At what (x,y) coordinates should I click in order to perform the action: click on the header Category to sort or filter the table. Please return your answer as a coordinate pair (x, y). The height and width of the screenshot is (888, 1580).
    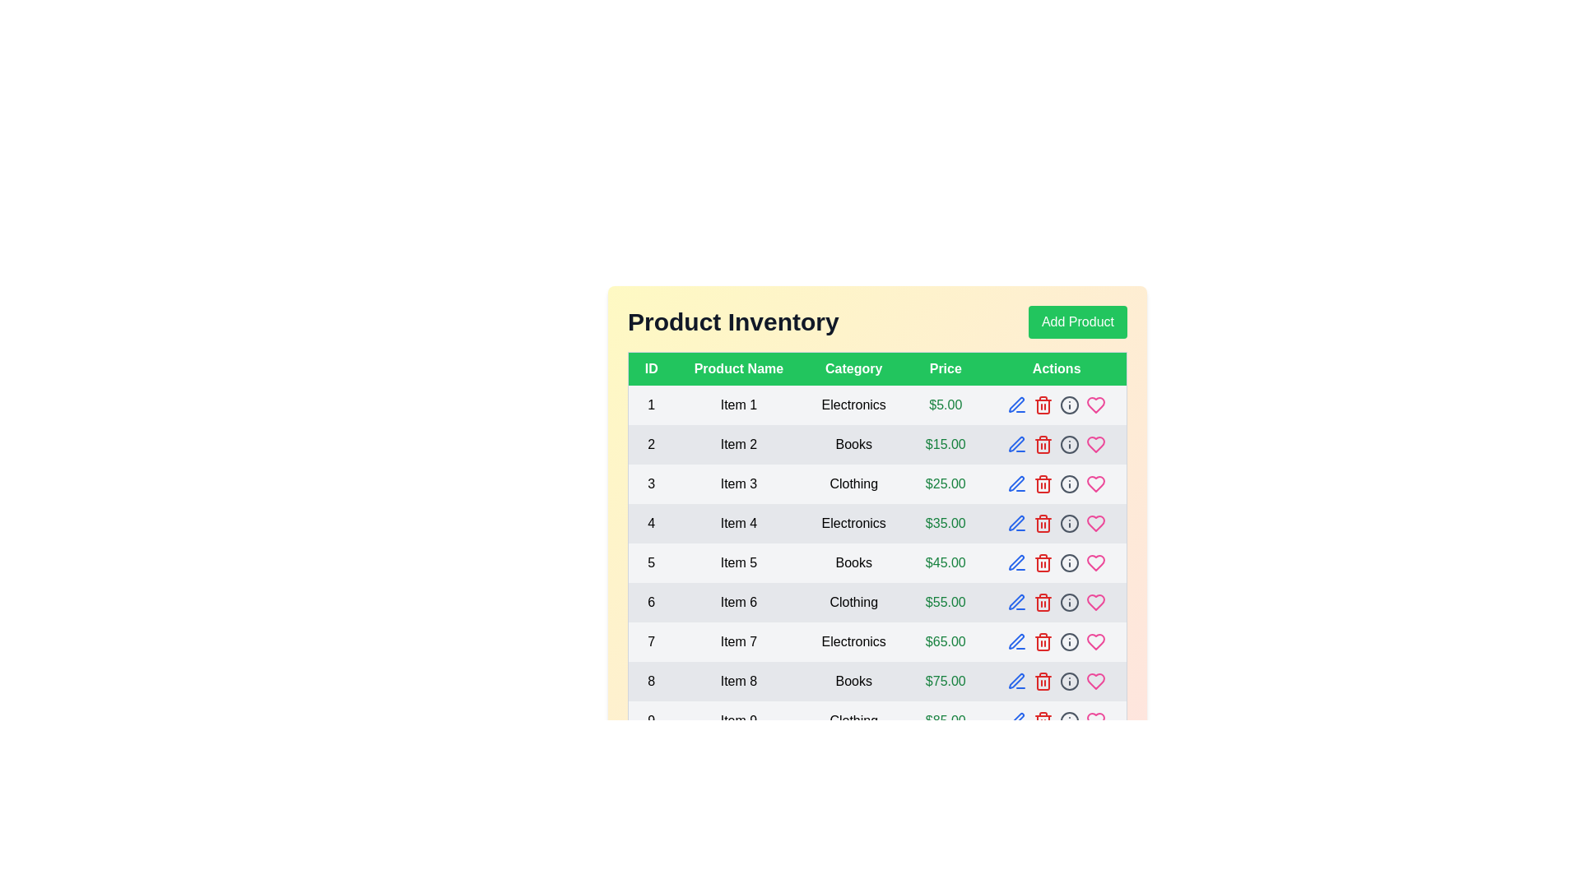
    Looking at the image, I should click on (853, 368).